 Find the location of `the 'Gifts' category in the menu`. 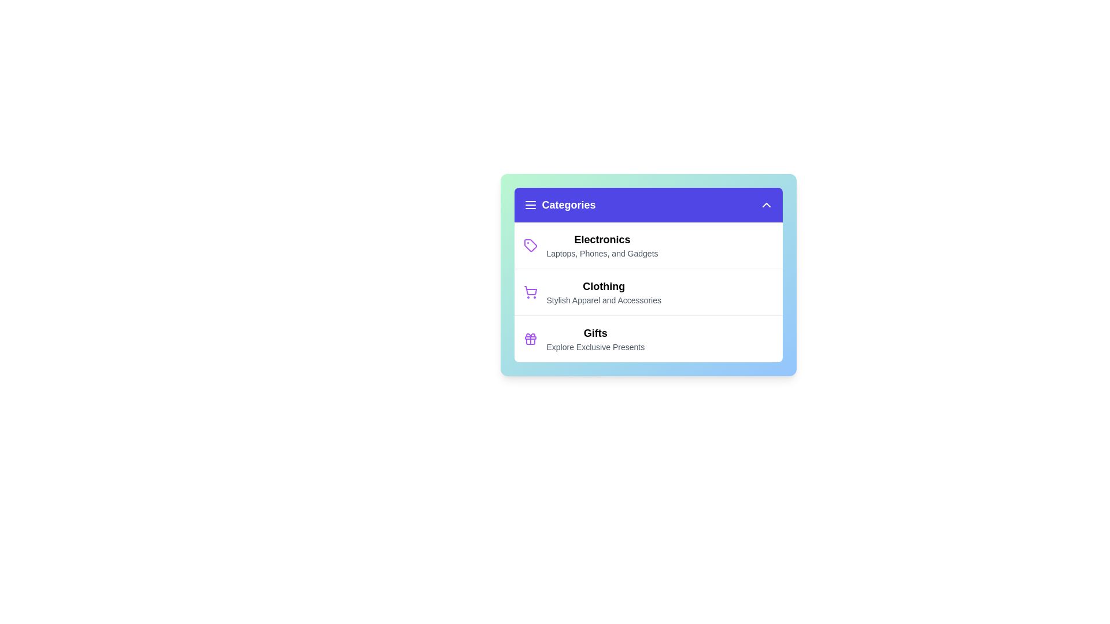

the 'Gifts' category in the menu is located at coordinates (595, 338).